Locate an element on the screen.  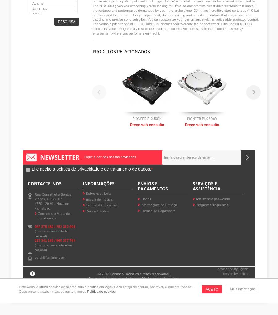
'Contacte-nos' is located at coordinates (44, 183).